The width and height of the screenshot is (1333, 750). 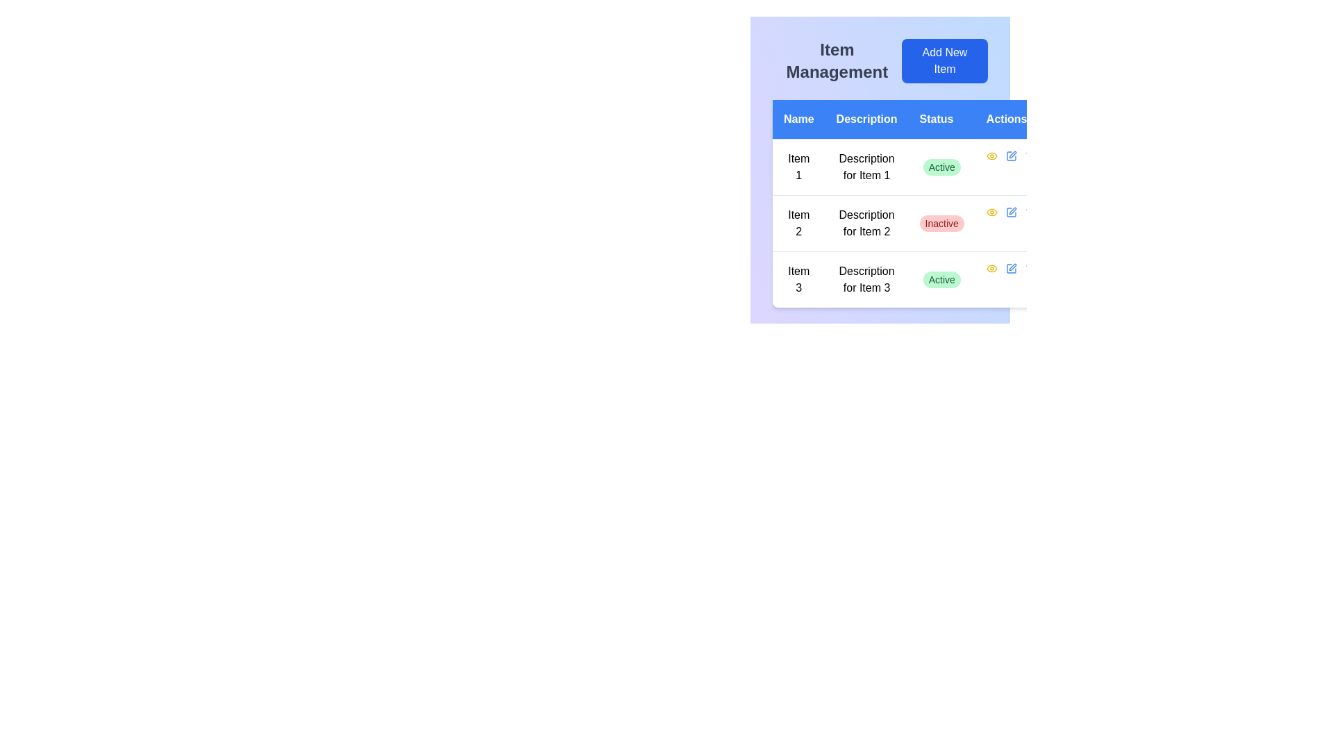 What do you see at coordinates (1011, 268) in the screenshot?
I see `the edit icon button, which resembles a square with a pen symbol, located in the 'Actions' column of the last row of the table layout` at bounding box center [1011, 268].